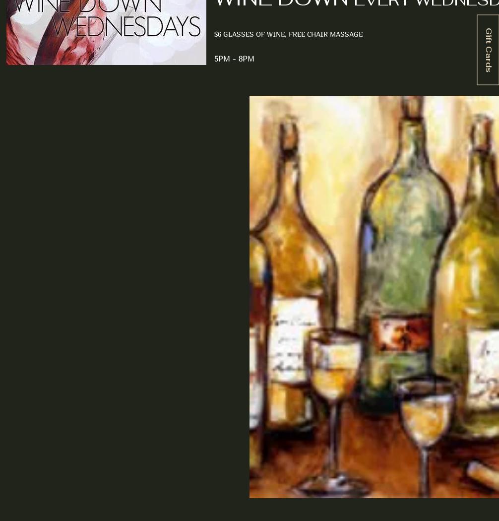  Describe the element at coordinates (111, 313) in the screenshot. I see `'By reservation only. Reservation fee is non-refundable.'` at that location.